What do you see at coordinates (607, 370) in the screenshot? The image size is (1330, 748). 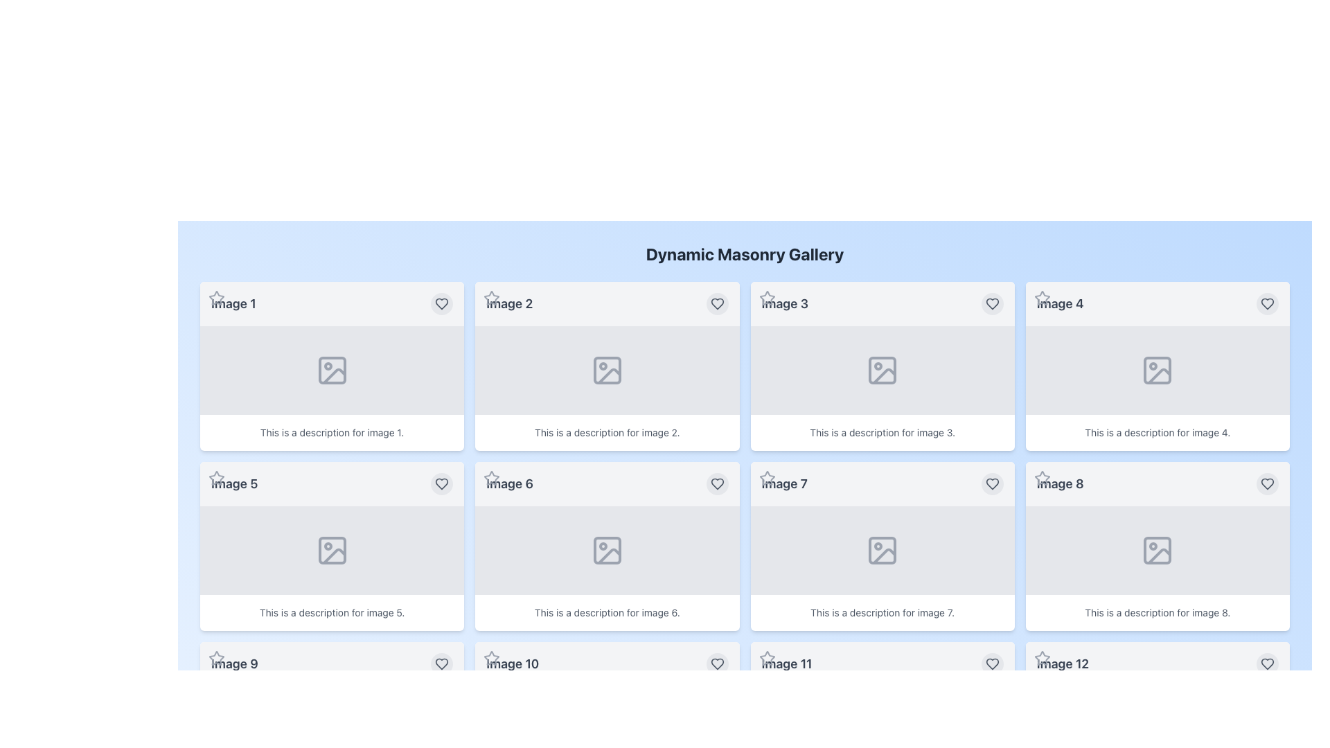 I see `the gray rounded rectangle icon located in the center-right region of the 'Image 2' placeholder in the first row, second column of the dynamic masonry gallery` at bounding box center [607, 370].